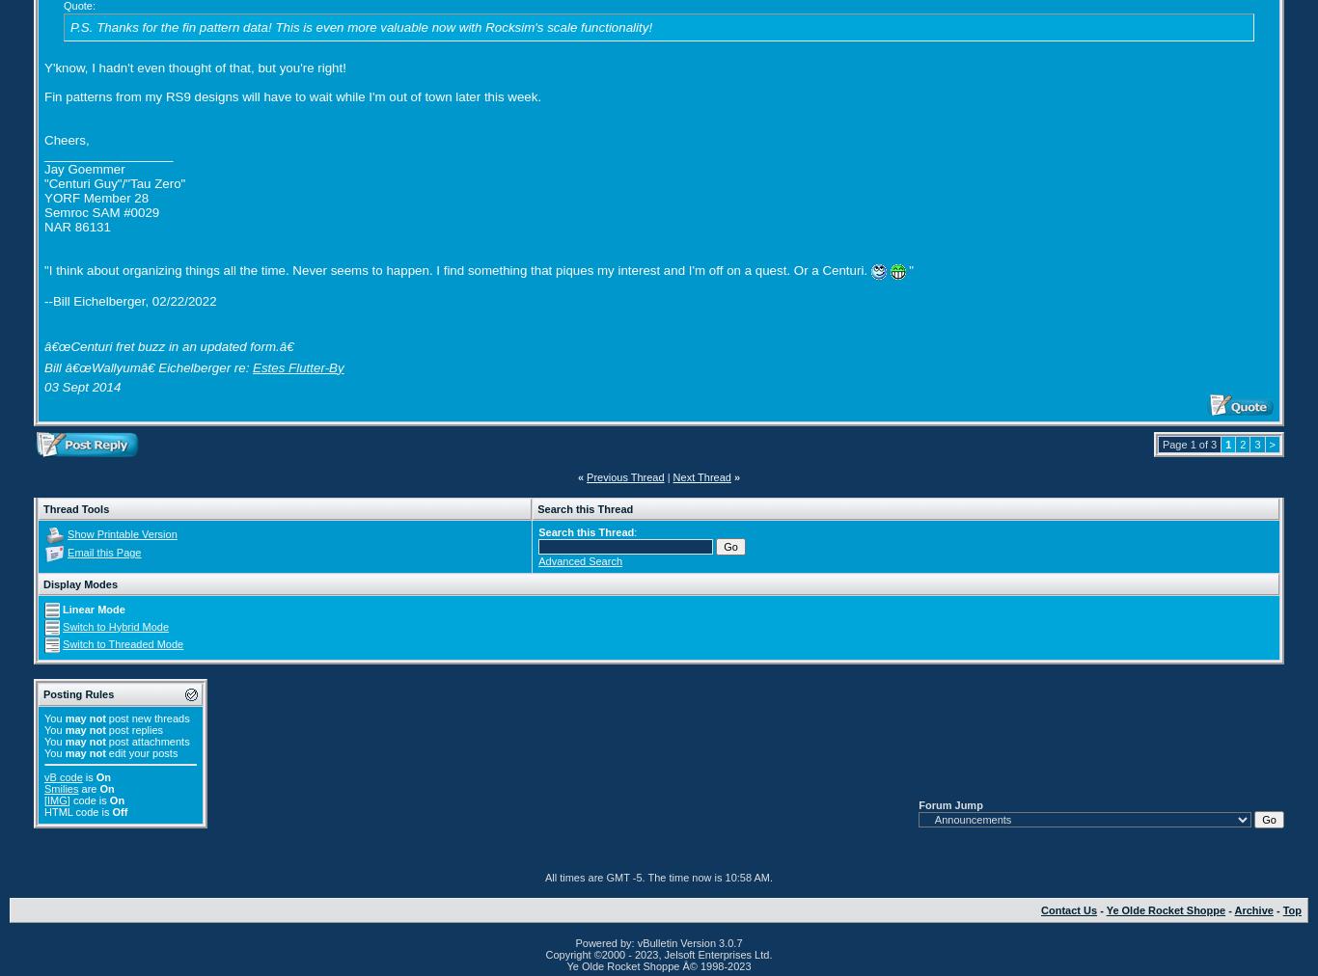 Image resolution: width=1318 pixels, height=976 pixels. Describe the element at coordinates (89, 799) in the screenshot. I see `'code is'` at that location.